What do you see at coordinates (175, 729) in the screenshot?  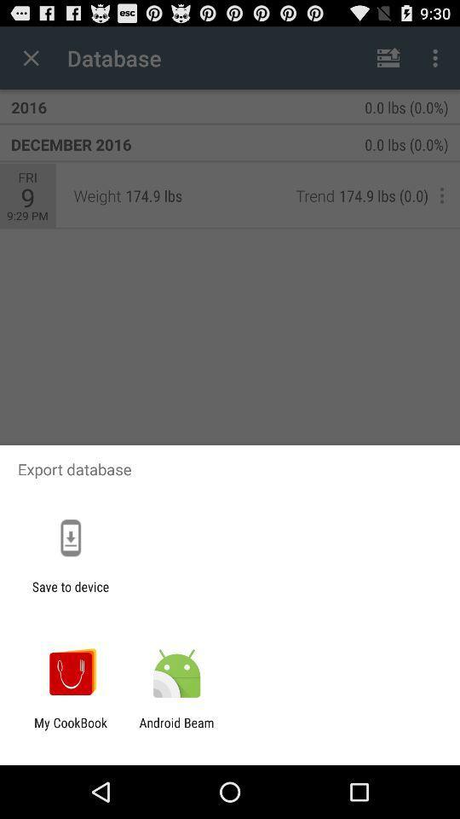 I see `the android beam` at bounding box center [175, 729].